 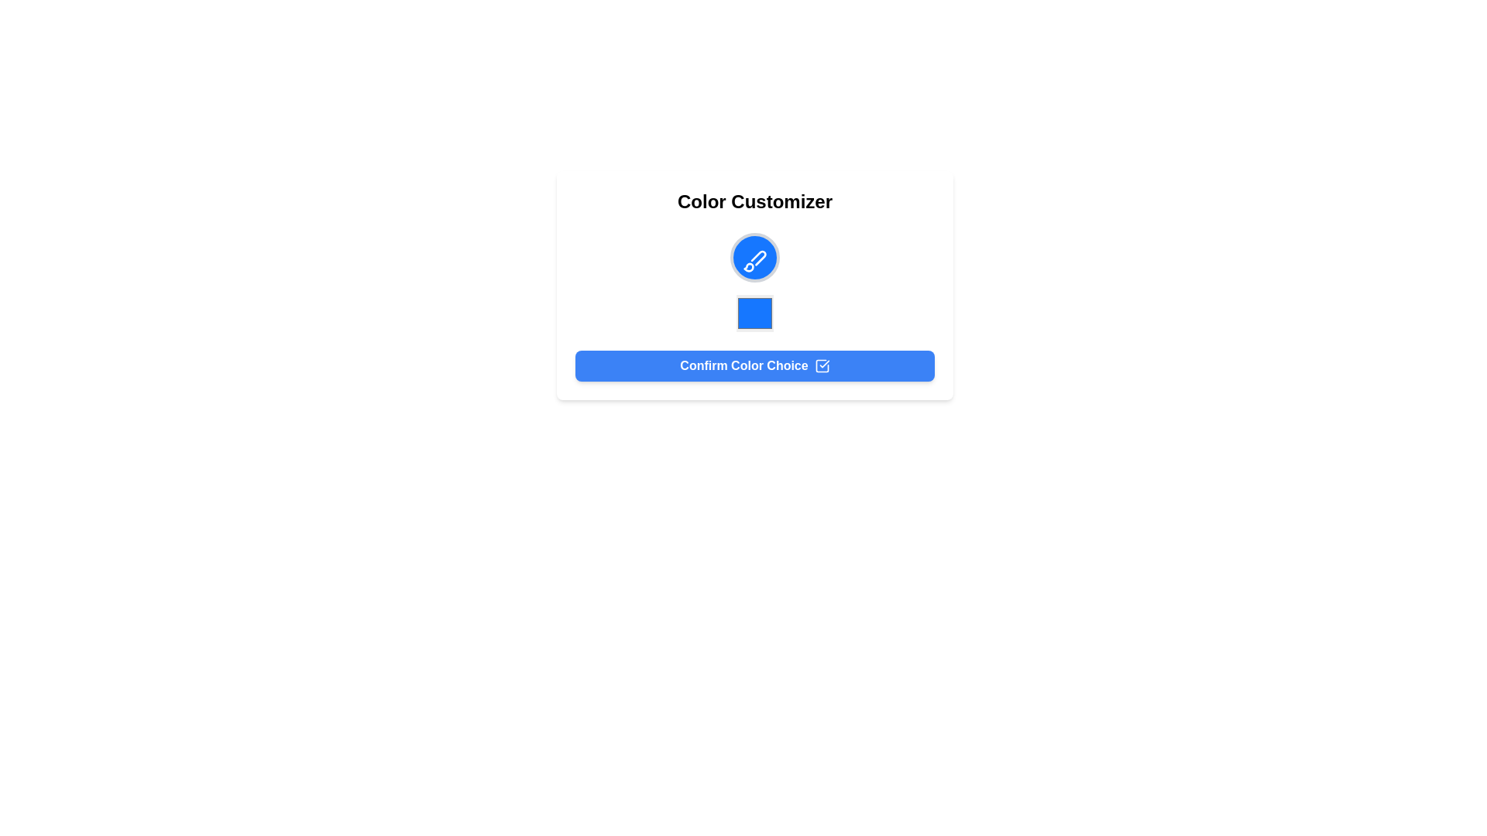 What do you see at coordinates (754, 283) in the screenshot?
I see `the color picker square of the composite color picker component located in the 'Color Customizer' section` at bounding box center [754, 283].